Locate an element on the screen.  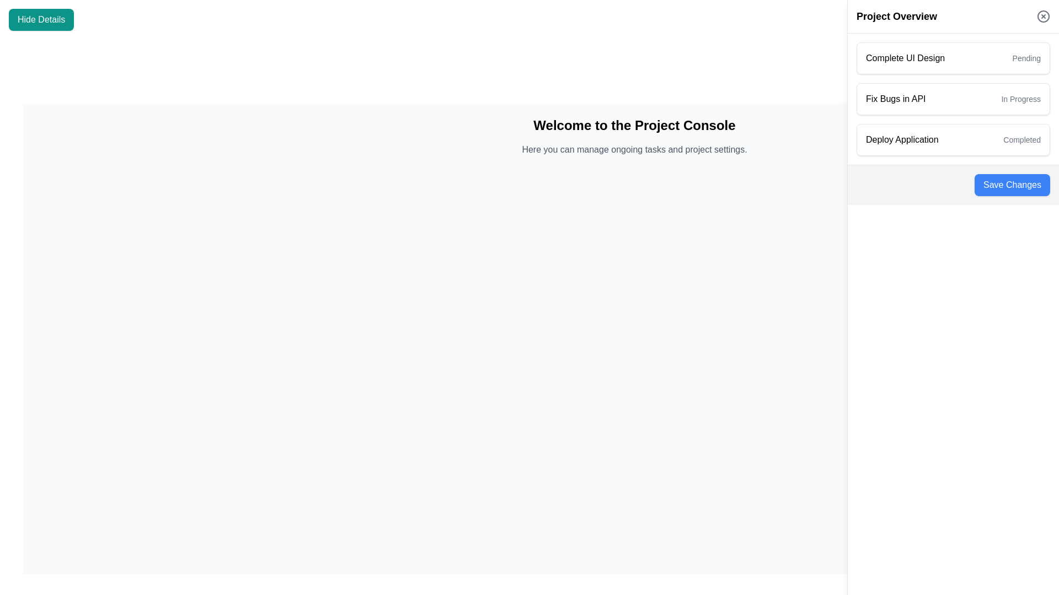
the circular icon button with a cross symbol inside it located in the top-right corner of the 'Project Overview' section to initiate an action is located at coordinates (1042, 17).